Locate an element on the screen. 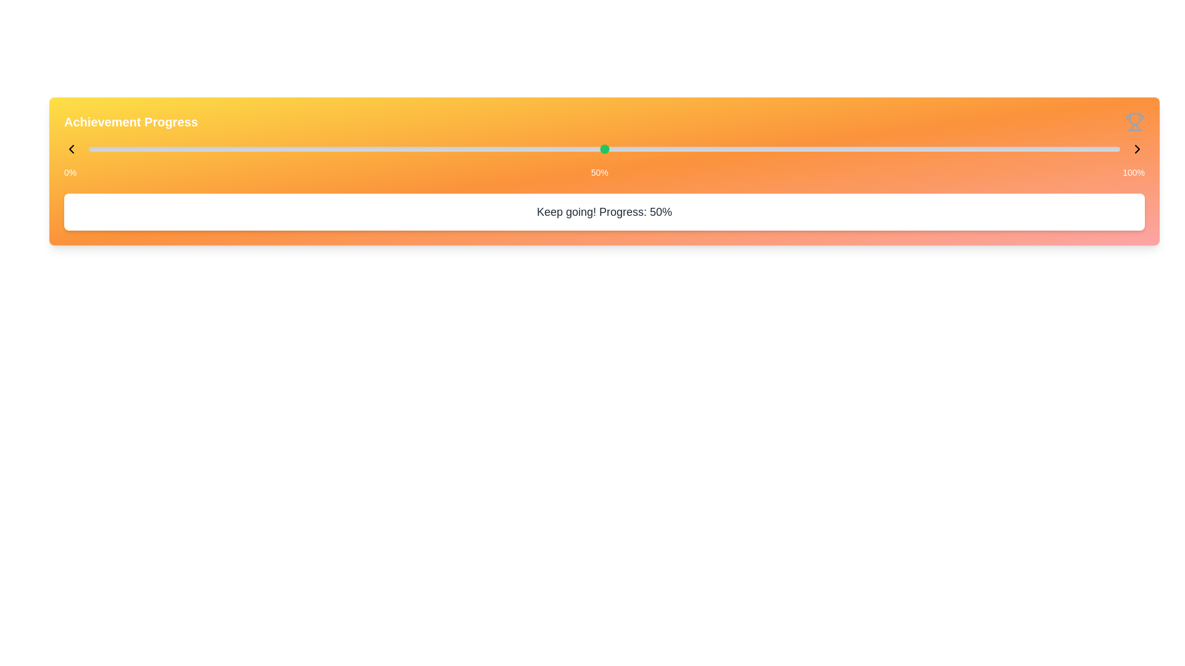 This screenshot has width=1185, height=666. the Text Label that denotes the progress tracker section, positioned to the far left of the horizontal orange gradient bar, for reading is located at coordinates (131, 121).